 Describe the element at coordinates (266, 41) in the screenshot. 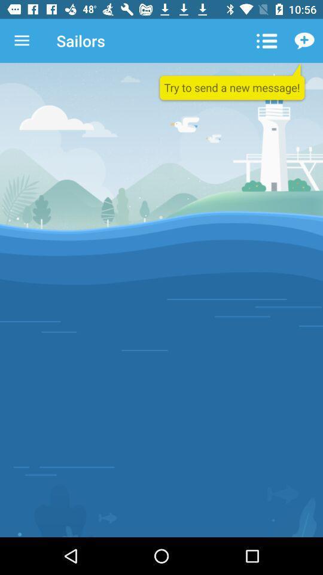

I see `the icon next to the sailors` at that location.